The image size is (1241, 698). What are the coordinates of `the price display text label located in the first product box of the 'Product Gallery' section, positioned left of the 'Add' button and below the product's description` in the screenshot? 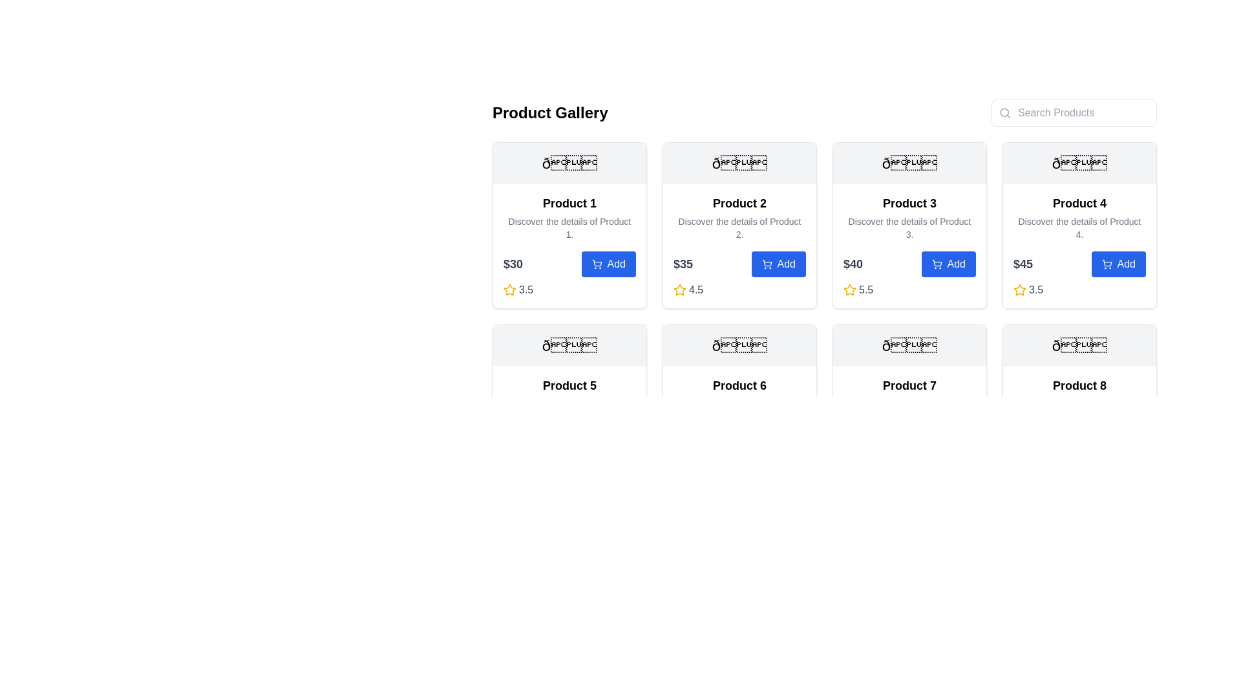 It's located at (513, 263).